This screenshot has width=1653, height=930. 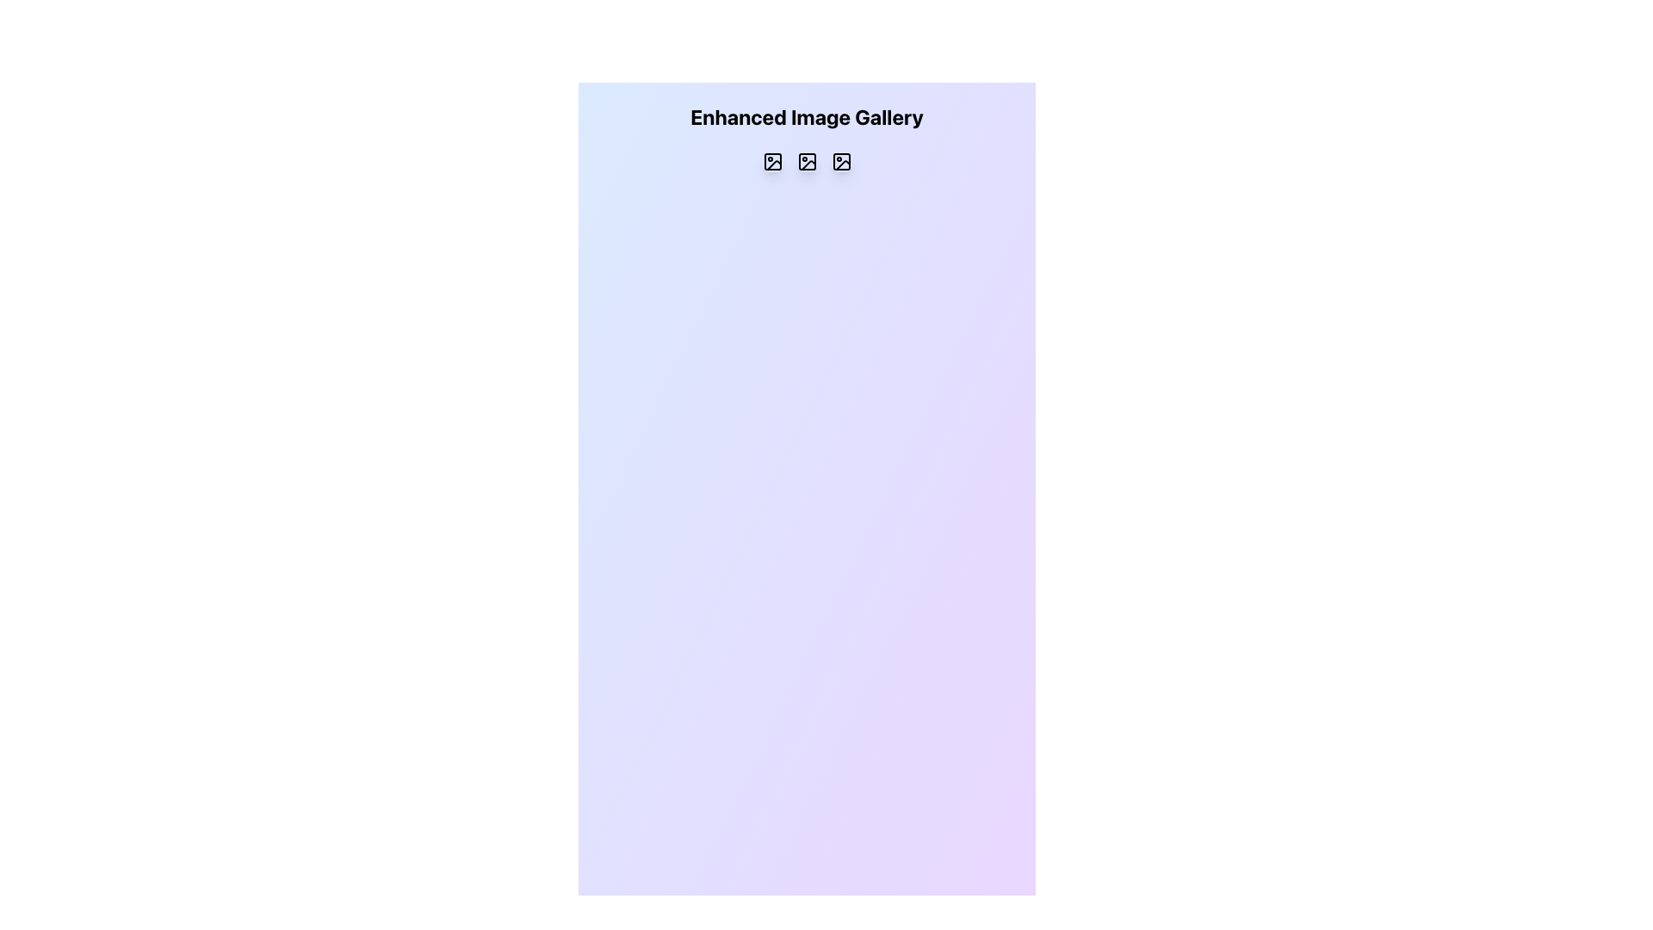 What do you see at coordinates (806, 162) in the screenshot?
I see `the square icon button featuring a simplified image representation with a rounded rectangle, circle, and diagonal line, located in the middle column of a three-column grid layout beneath the 'Enhanced Image Gallery' header` at bounding box center [806, 162].